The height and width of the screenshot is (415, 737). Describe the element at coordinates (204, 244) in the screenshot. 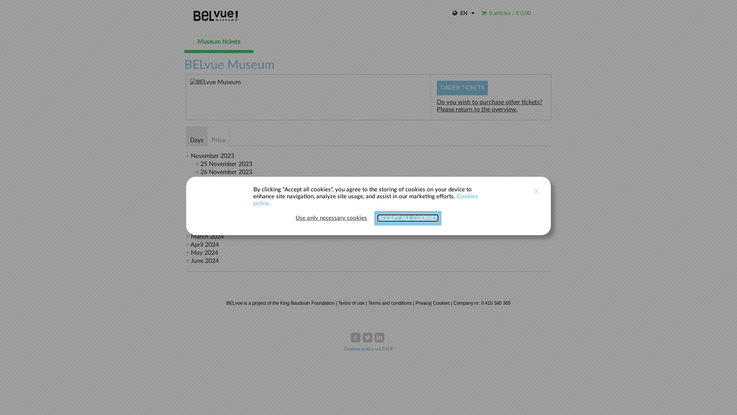

I see `'April 2024'` at that location.